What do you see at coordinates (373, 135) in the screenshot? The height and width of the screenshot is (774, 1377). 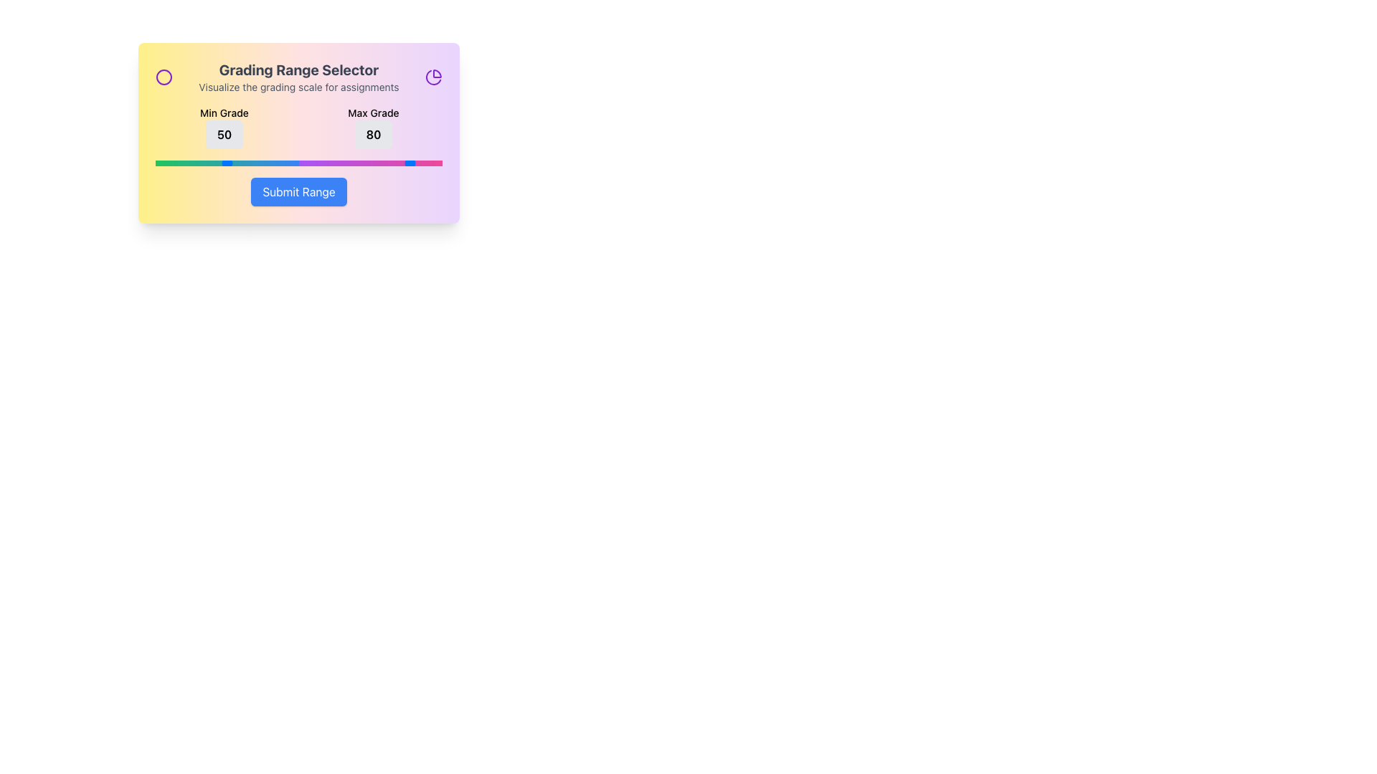 I see `the Static Display Text badge displaying '80', which is located below the 'Max Grade' text in the upper-right portion of the card-like interface` at bounding box center [373, 135].